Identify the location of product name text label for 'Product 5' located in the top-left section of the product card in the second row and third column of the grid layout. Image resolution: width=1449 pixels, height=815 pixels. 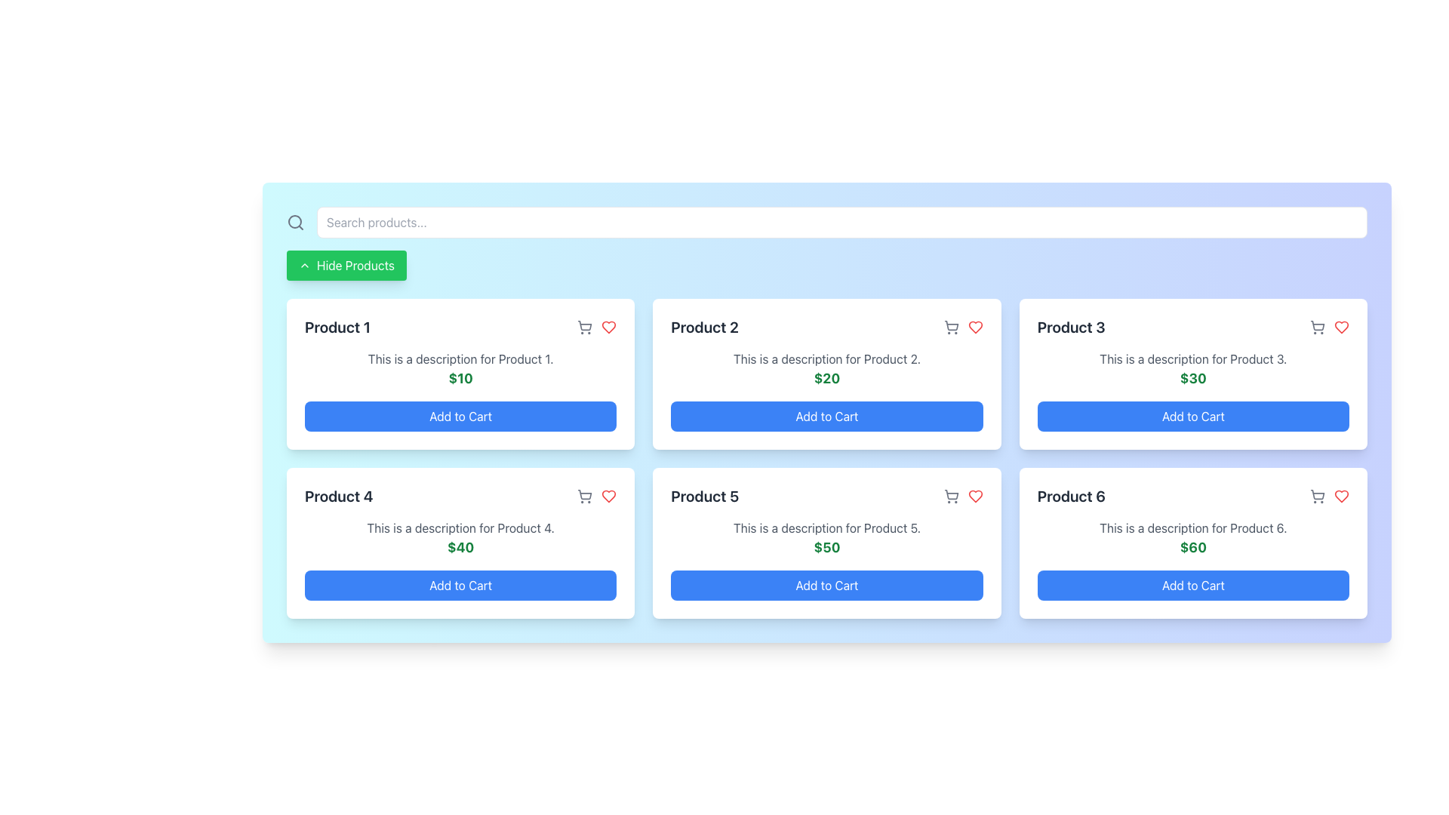
(704, 497).